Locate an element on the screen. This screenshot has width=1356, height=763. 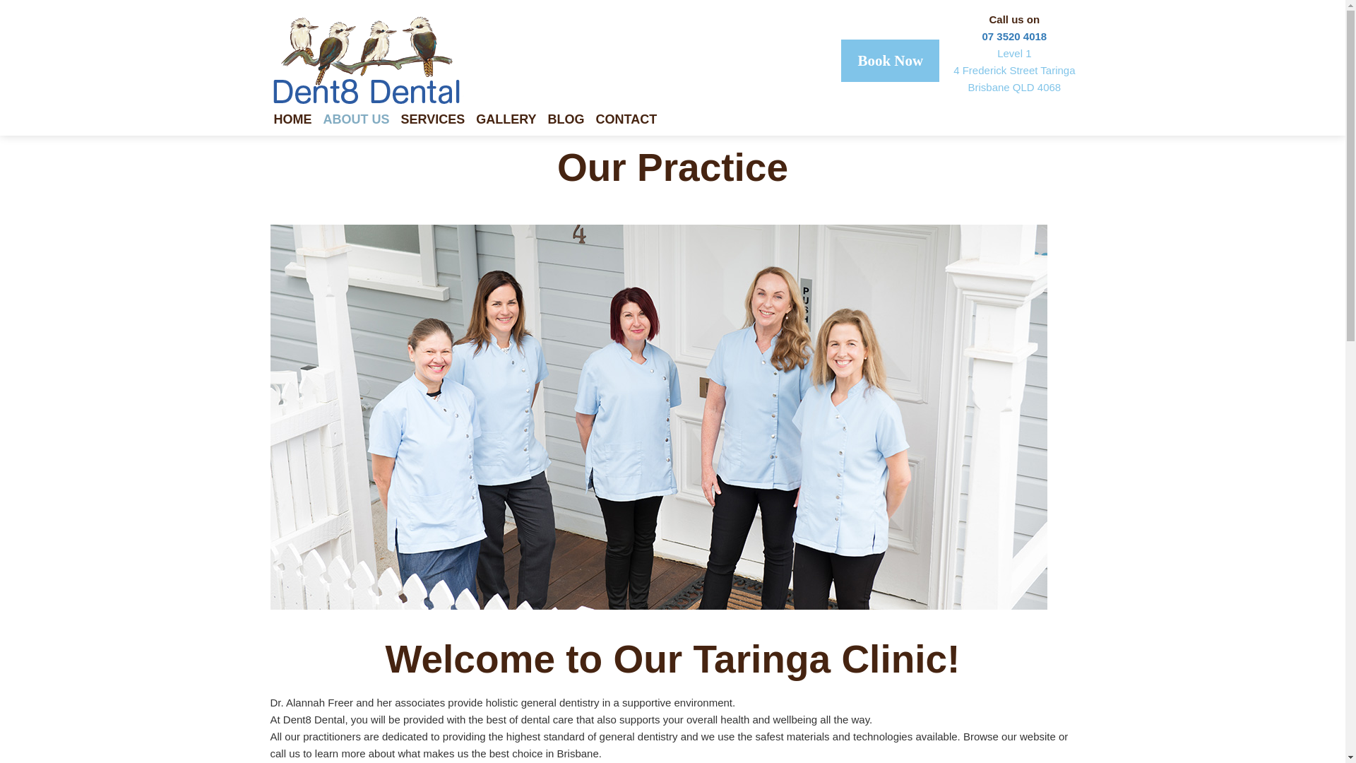
'GALLERY' is located at coordinates (511, 122).